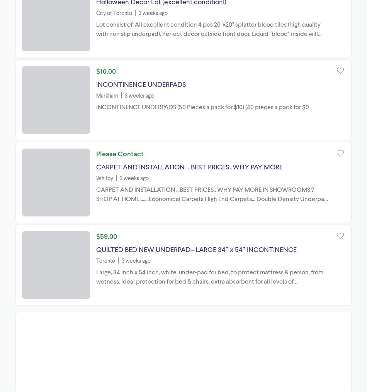 Image resolution: width=367 pixels, height=392 pixels. Describe the element at coordinates (202, 106) in the screenshot. I see `'INCONTINENCE UNDERPADS (50 Pieces a pack for $10) (40 pieces a pack for $9'` at that location.